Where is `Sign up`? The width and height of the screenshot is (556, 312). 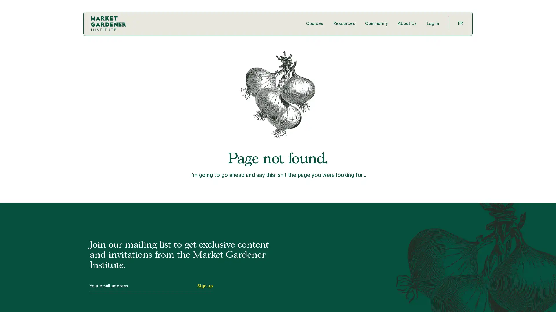
Sign up is located at coordinates (205, 287).